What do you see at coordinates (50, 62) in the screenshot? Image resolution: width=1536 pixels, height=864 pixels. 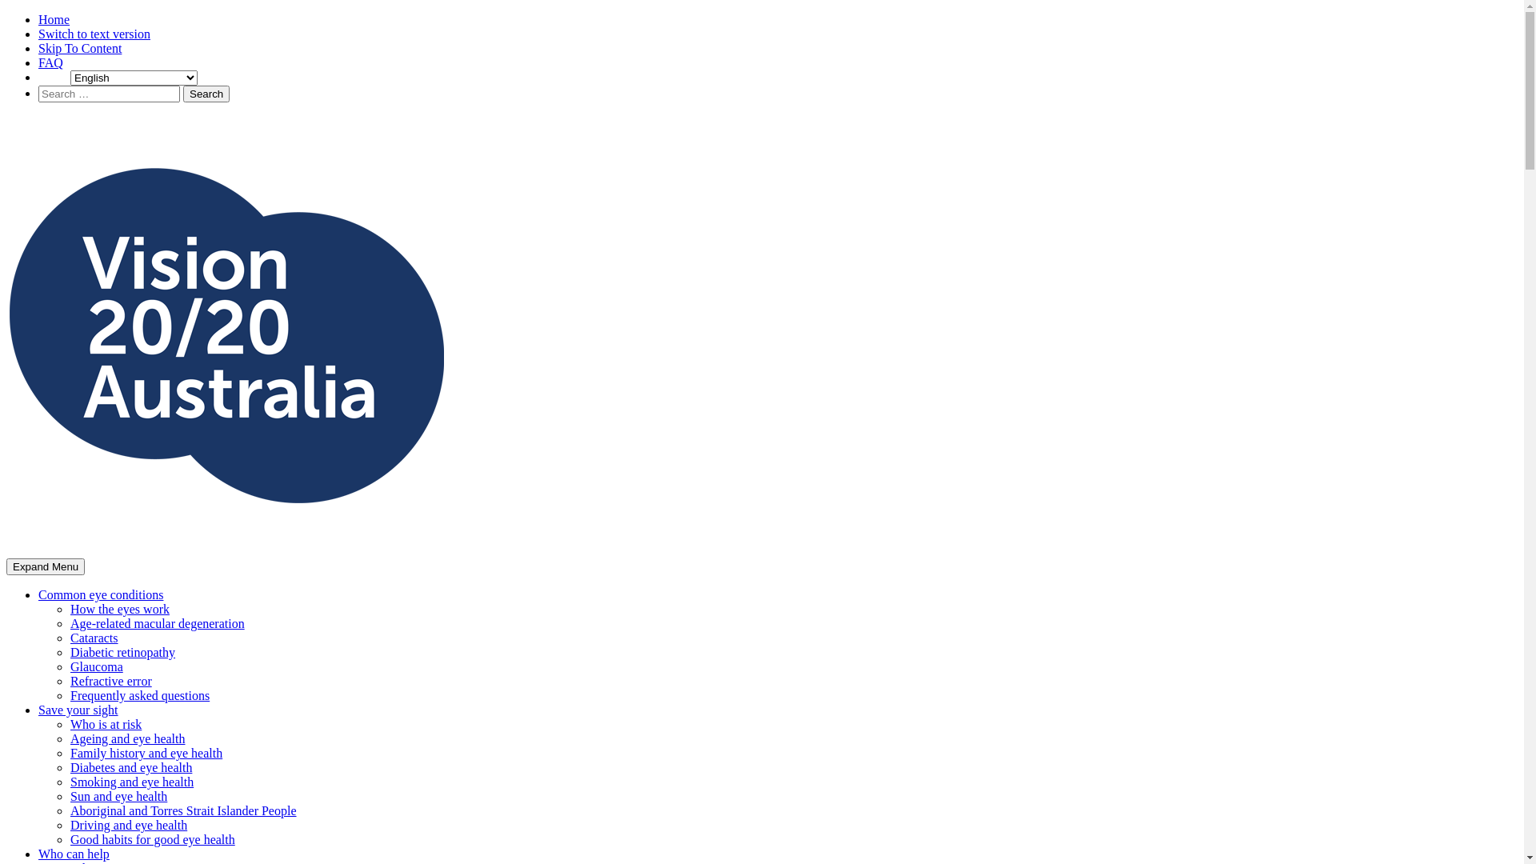 I see `'FAQ'` at bounding box center [50, 62].